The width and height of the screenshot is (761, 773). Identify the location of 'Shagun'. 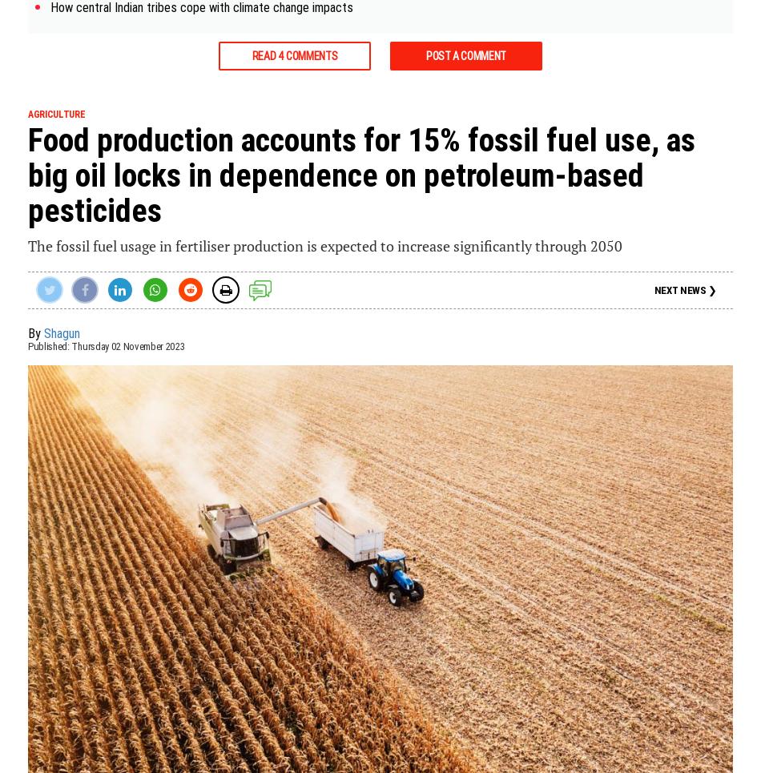
(62, 333).